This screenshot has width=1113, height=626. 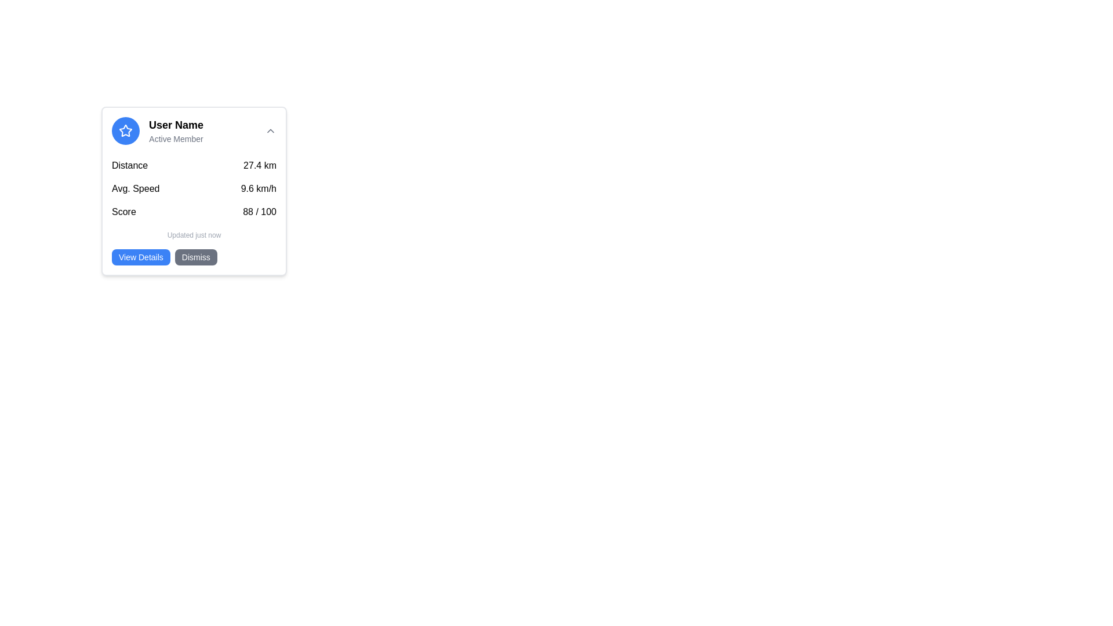 I want to click on the Text display area that shows 'User Name' and the subtitle 'Active Member', so click(x=175, y=130).